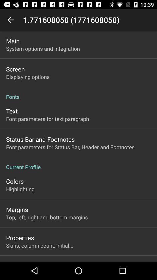  What do you see at coordinates (20, 189) in the screenshot?
I see `the item above margins icon` at bounding box center [20, 189].